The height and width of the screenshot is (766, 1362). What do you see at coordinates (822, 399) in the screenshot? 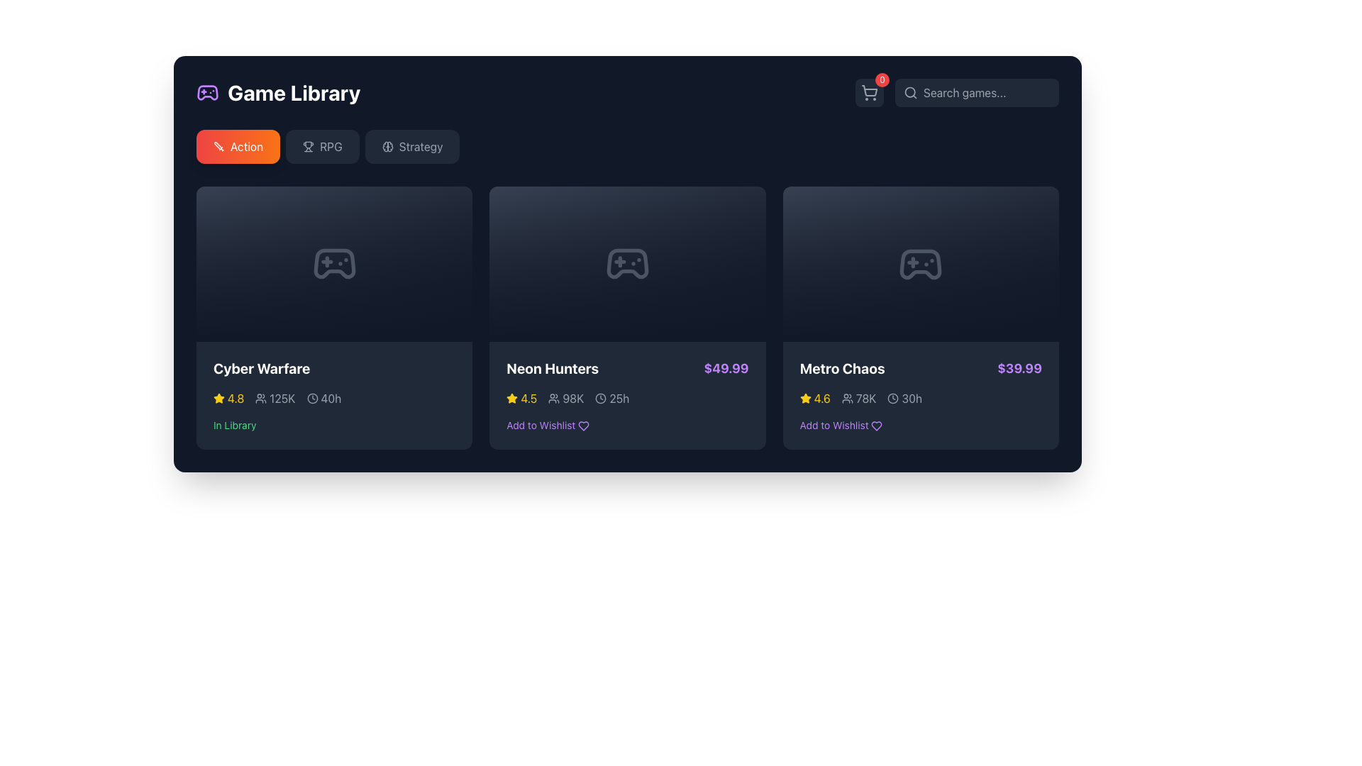
I see `the text label displaying the numeric value '4.6', styled in yellow font, located adjacent to the star icon in the rating section of the 'Metro Chaos' card` at bounding box center [822, 399].